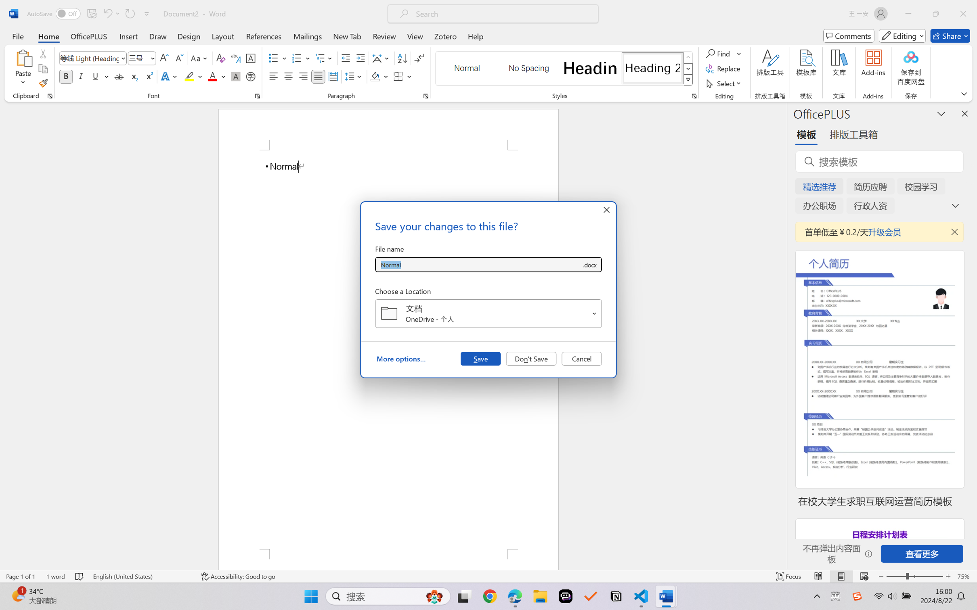 Image resolution: width=977 pixels, height=610 pixels. What do you see at coordinates (88, 36) in the screenshot?
I see `'OfficePLUS'` at bounding box center [88, 36].